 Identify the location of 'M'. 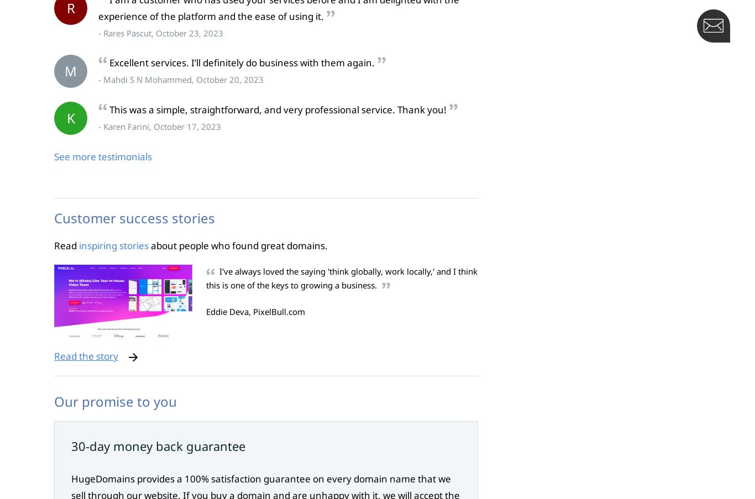
(70, 71).